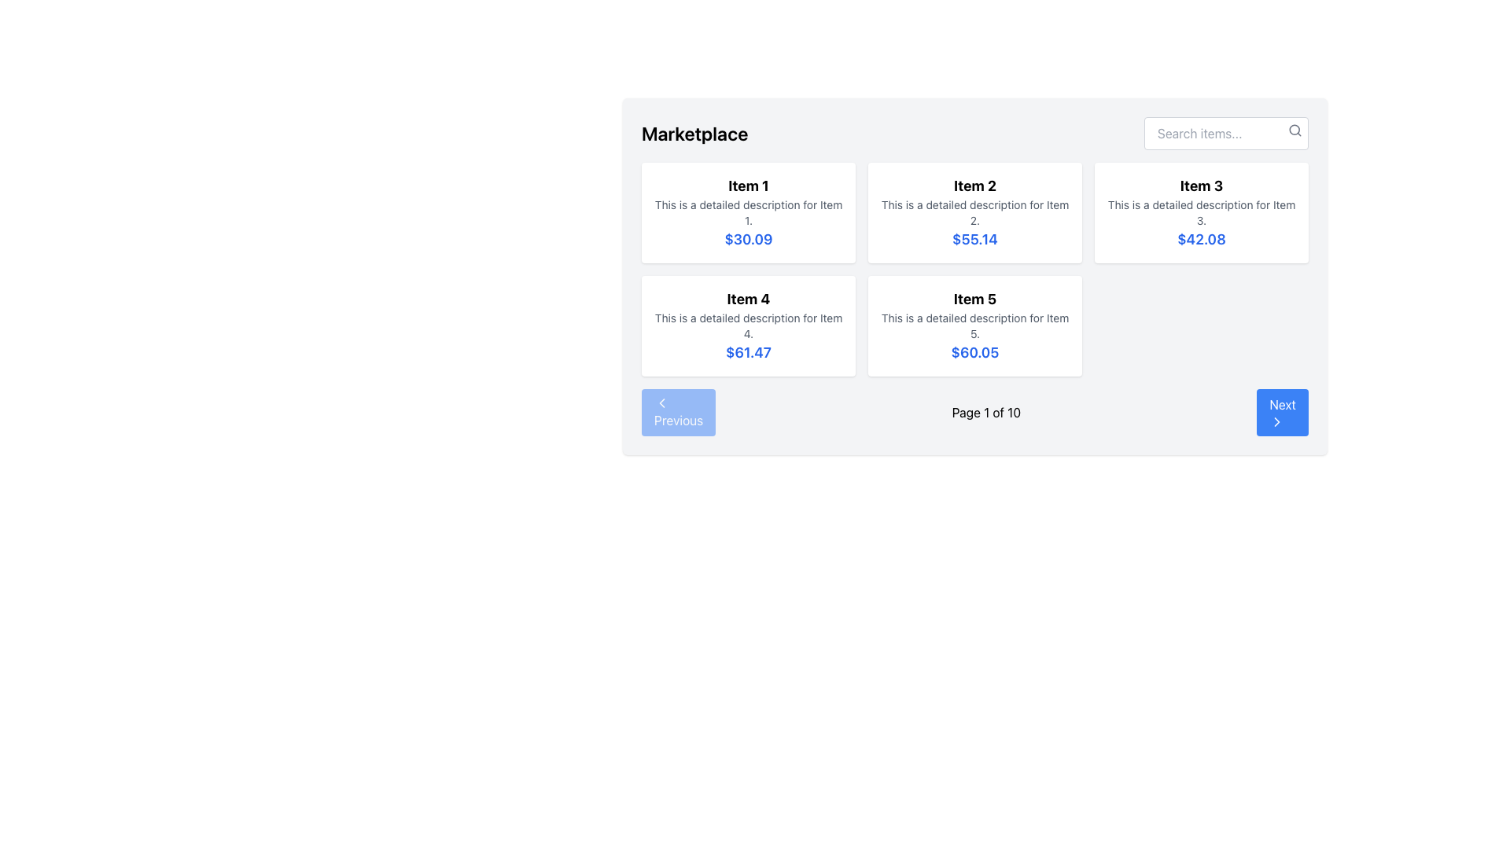 The height and width of the screenshot is (849, 1510). What do you see at coordinates (747, 351) in the screenshot?
I see `text content displayed in large, bold, blue font showing the price '$61.47' within the interface card for 'Item 4'` at bounding box center [747, 351].